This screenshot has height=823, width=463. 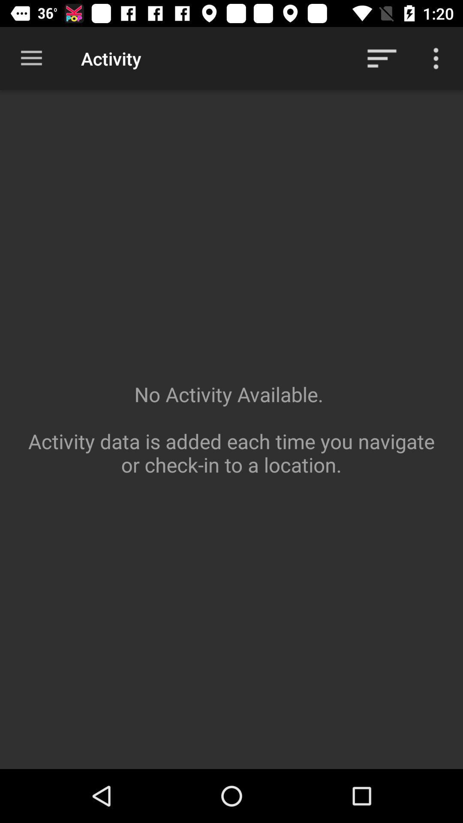 I want to click on the icon to the right of the activity item, so click(x=382, y=58).